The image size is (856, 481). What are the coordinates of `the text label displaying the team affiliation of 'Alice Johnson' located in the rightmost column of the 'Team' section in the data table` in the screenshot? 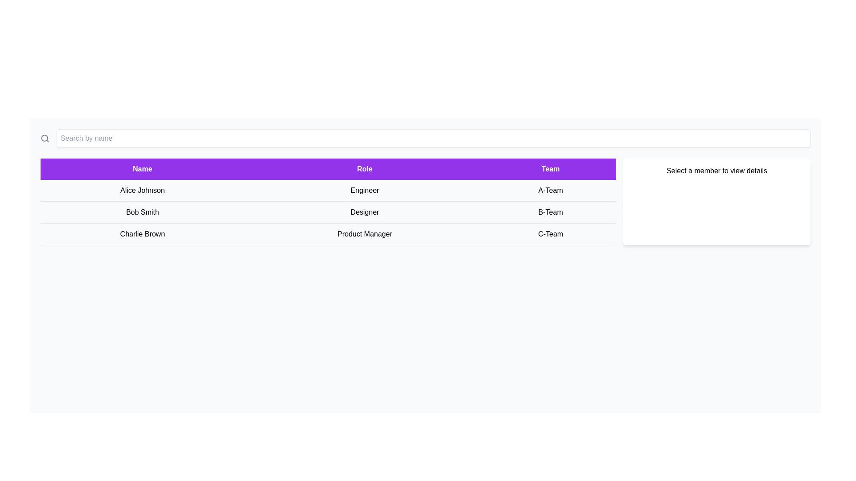 It's located at (550, 190).